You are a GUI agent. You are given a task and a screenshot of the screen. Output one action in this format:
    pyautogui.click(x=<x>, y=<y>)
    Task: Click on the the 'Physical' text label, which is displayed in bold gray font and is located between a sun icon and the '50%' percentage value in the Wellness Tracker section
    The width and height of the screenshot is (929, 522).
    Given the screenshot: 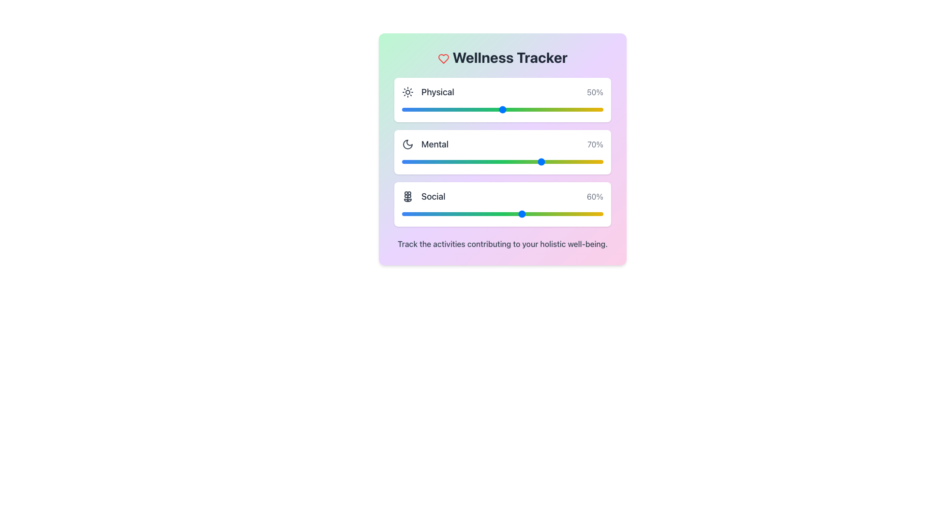 What is the action you would take?
    pyautogui.click(x=437, y=92)
    